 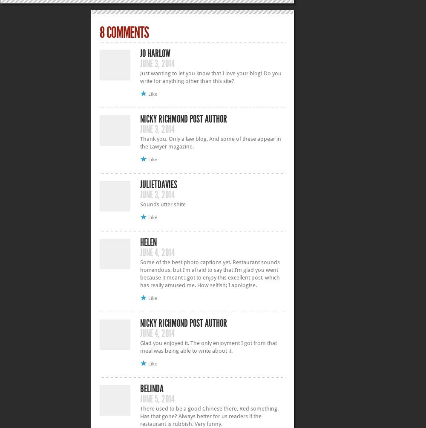 What do you see at coordinates (210, 77) in the screenshot?
I see `'Just wanting to let you know that I love your blog! Do you write for anything other than this site?'` at bounding box center [210, 77].